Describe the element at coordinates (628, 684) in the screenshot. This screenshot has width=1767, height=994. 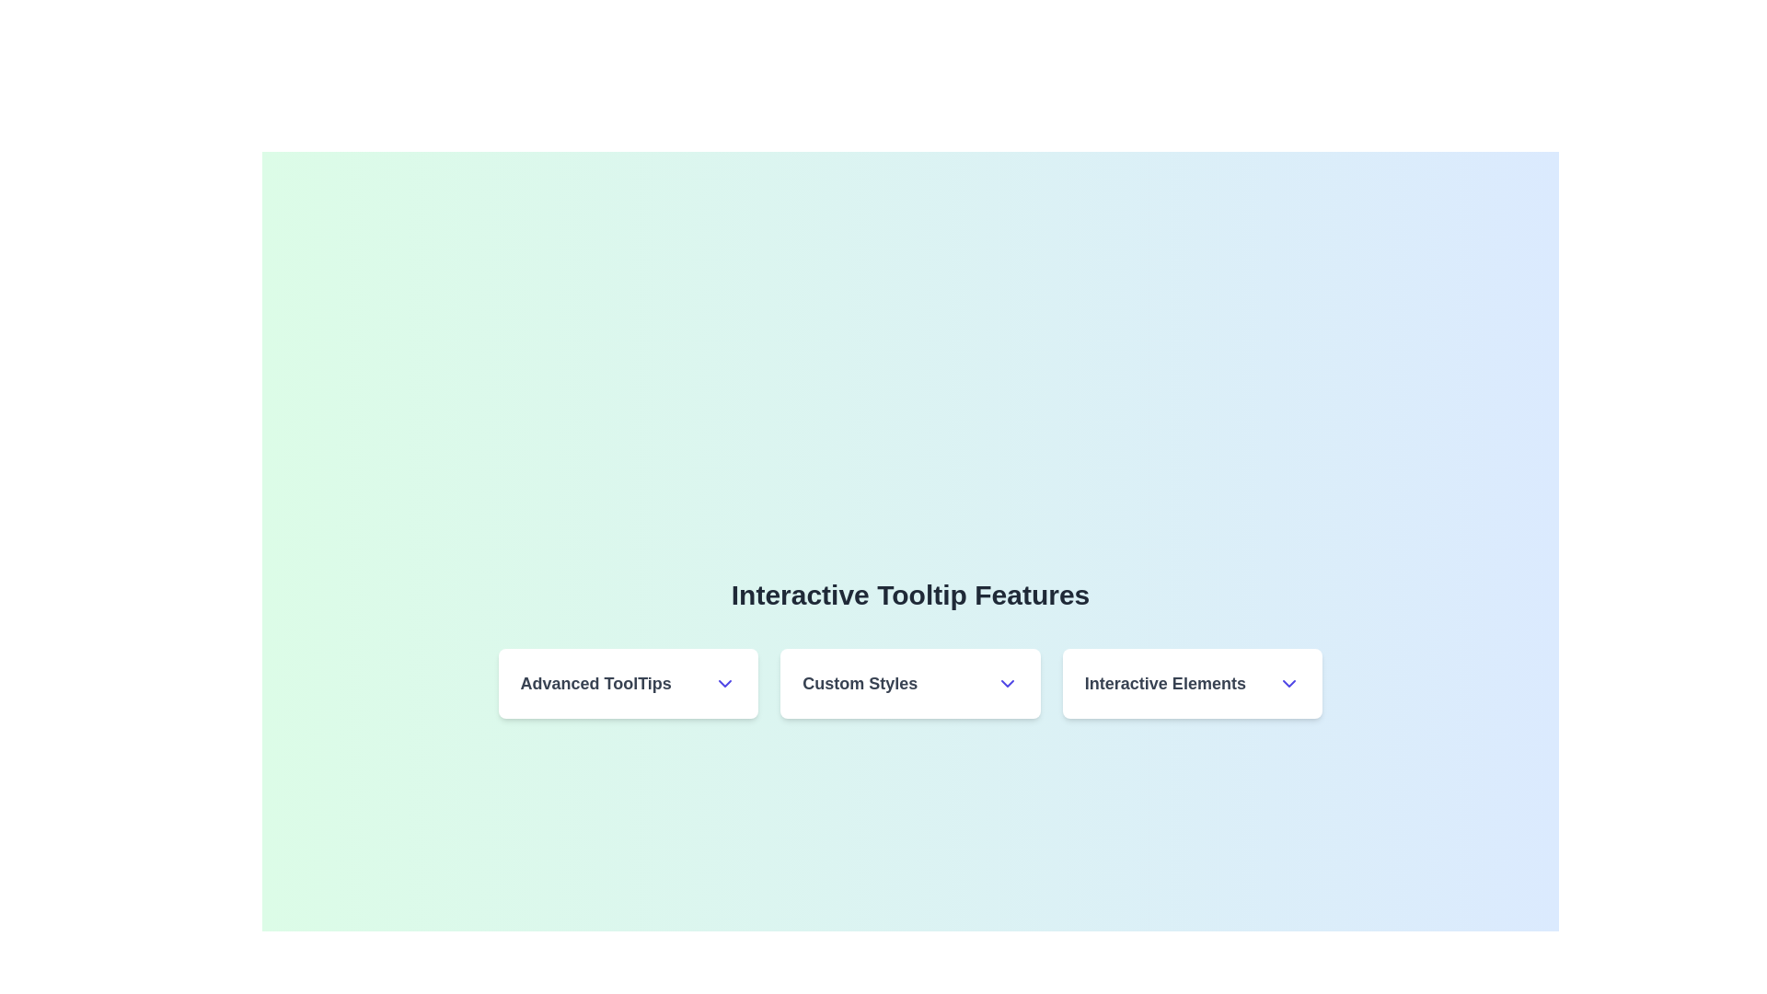
I see `the Card-like button labeled 'Advanced ToolTips', which is the first item in the grid layout, featuring a white background and bold dark-gray text` at that location.